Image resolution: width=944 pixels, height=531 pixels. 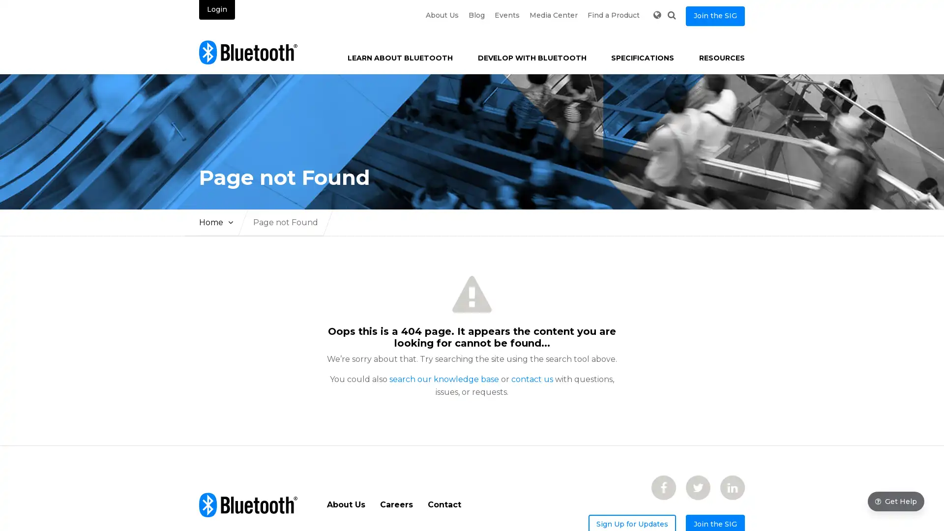 I want to click on Language, so click(x=656, y=15).